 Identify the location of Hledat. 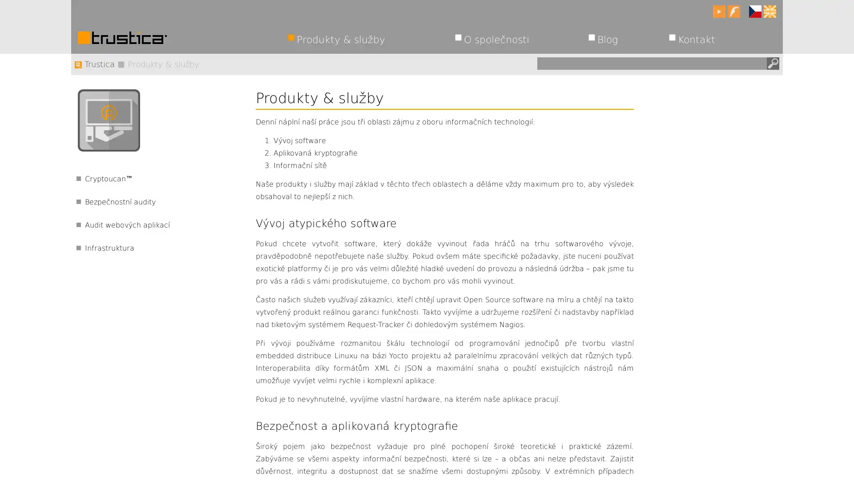
(772, 63).